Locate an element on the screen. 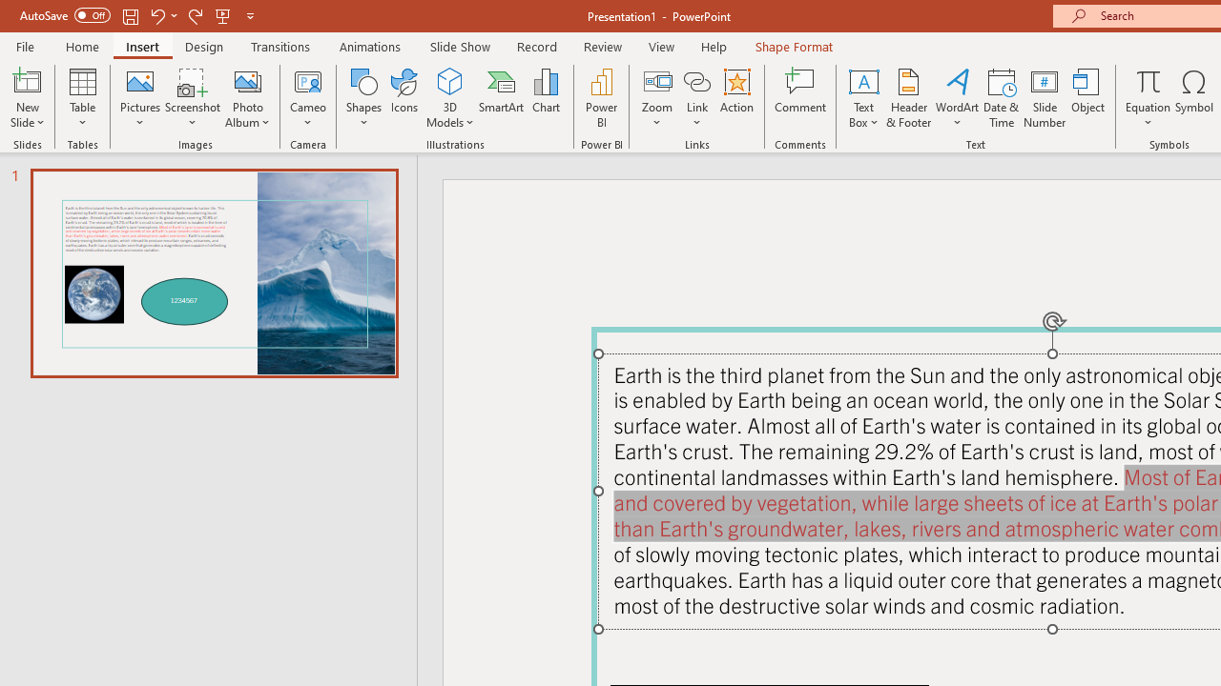 Image resolution: width=1221 pixels, height=686 pixels. '3D Models' is located at coordinates (449, 80).